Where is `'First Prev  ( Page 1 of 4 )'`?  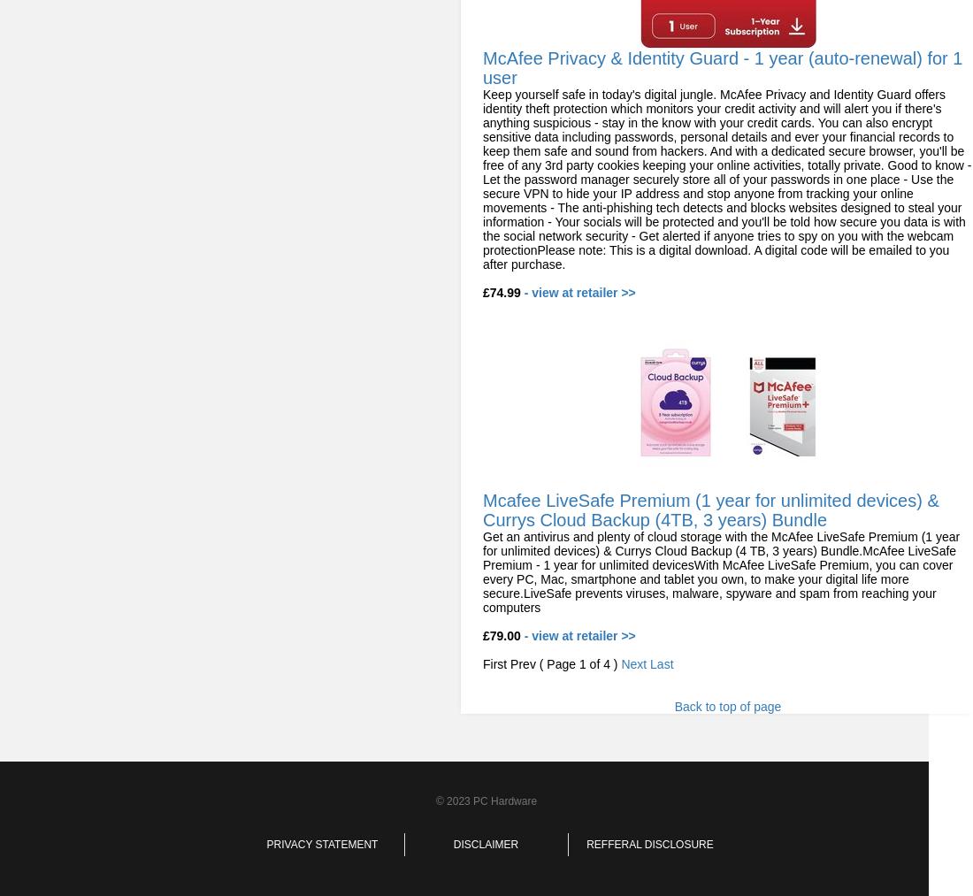
'First Prev  ( Page 1 of 4 )' is located at coordinates (552, 664).